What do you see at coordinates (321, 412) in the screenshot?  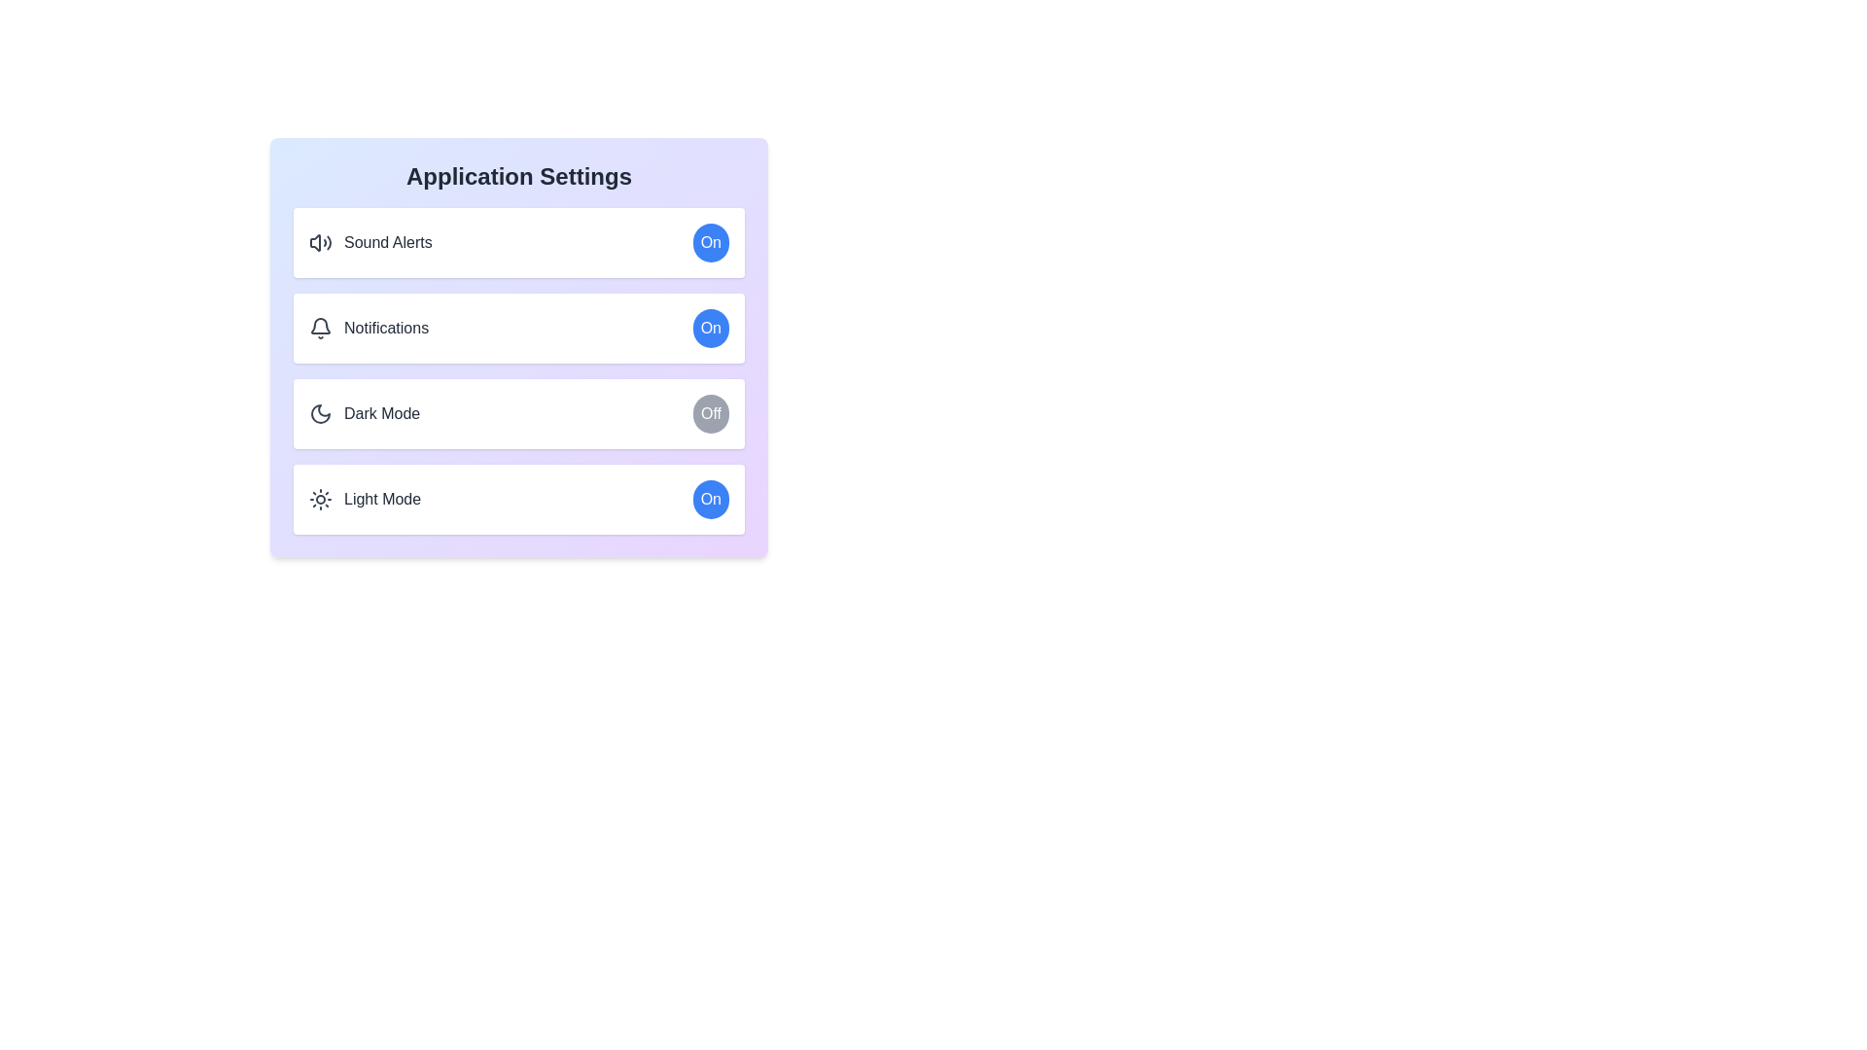 I see `the 'Dark Mode' icon located on the left side of the third row in the 'Application Settings' interface` at bounding box center [321, 412].